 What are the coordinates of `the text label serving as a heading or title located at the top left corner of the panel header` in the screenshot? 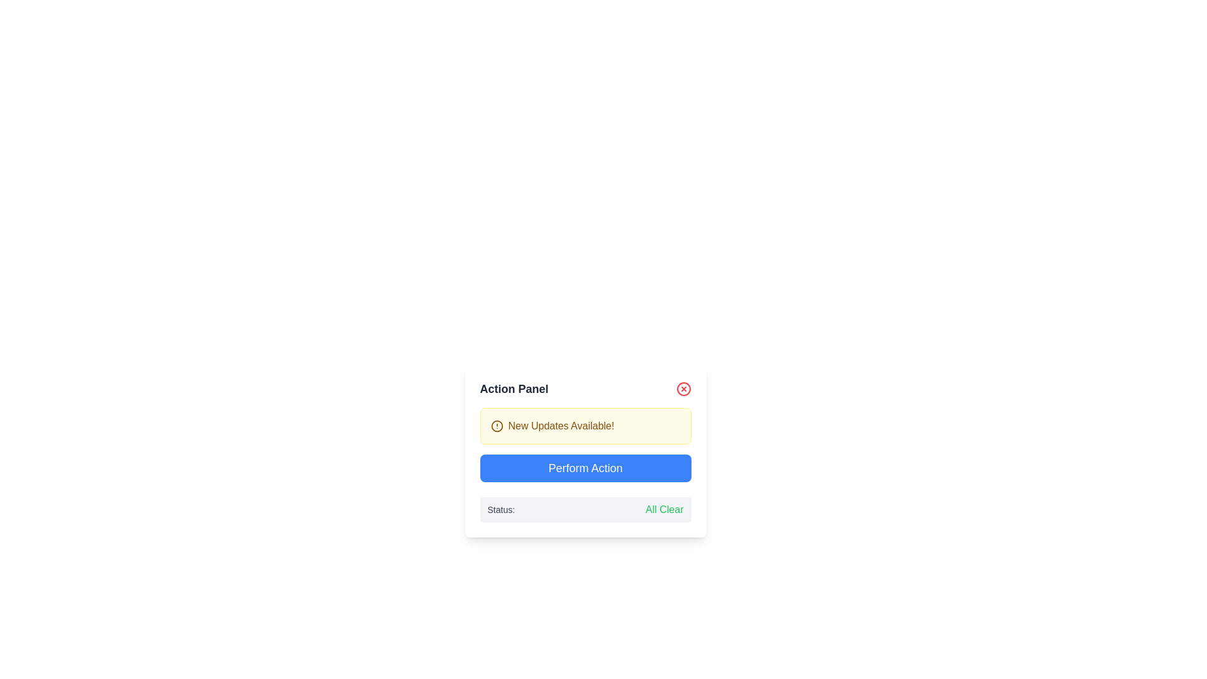 It's located at (514, 388).